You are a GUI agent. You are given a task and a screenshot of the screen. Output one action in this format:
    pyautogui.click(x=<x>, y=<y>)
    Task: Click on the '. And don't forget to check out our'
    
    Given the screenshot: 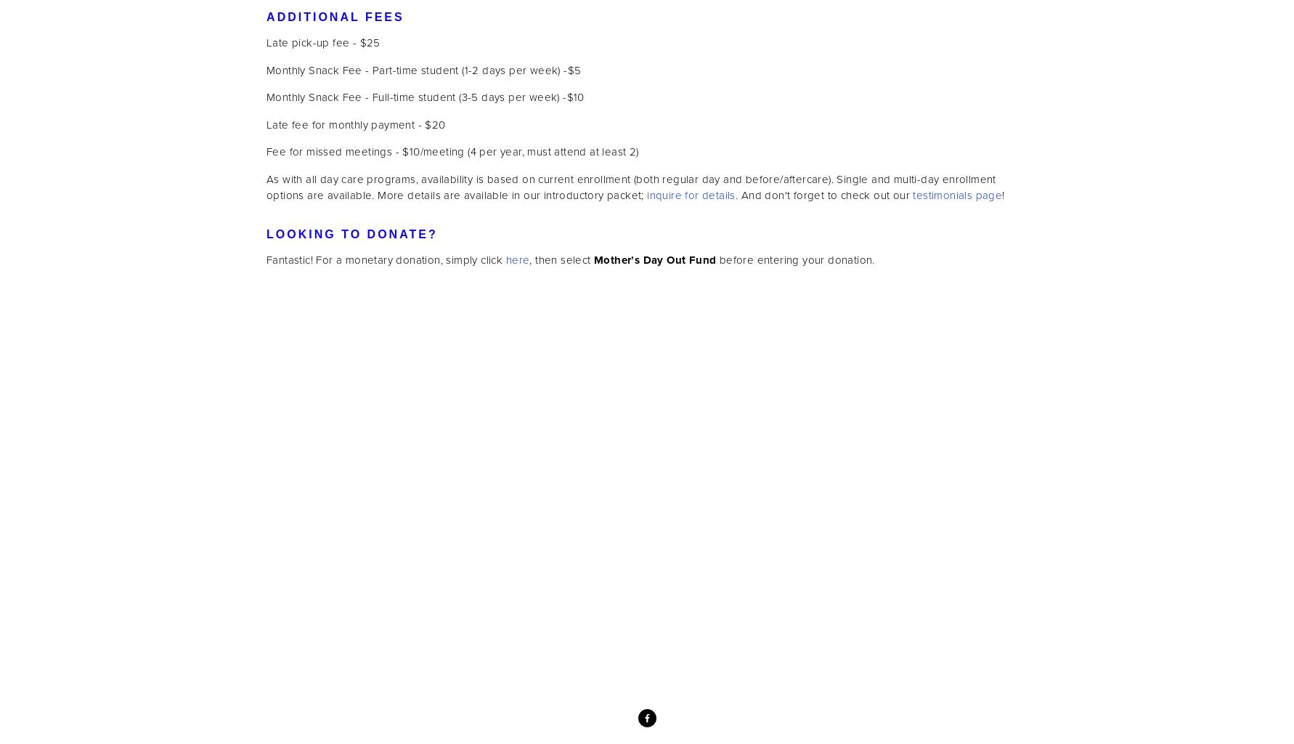 What is the action you would take?
    pyautogui.click(x=733, y=195)
    